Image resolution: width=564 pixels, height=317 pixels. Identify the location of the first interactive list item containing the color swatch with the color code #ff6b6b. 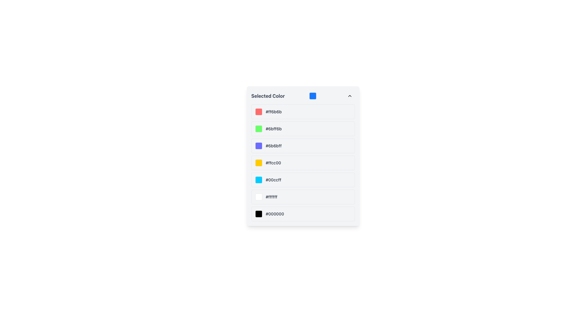
(303, 112).